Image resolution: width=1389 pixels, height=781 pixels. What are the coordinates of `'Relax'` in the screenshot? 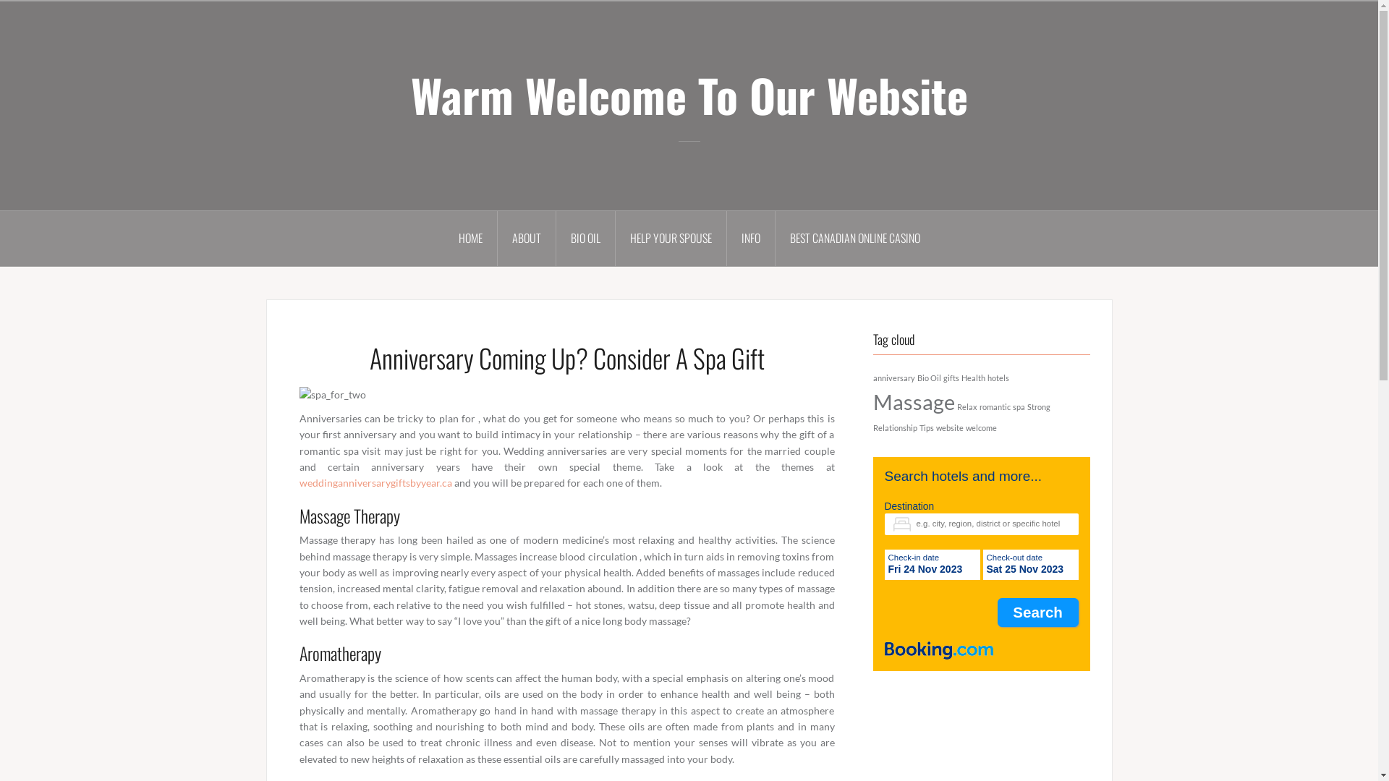 It's located at (966, 406).